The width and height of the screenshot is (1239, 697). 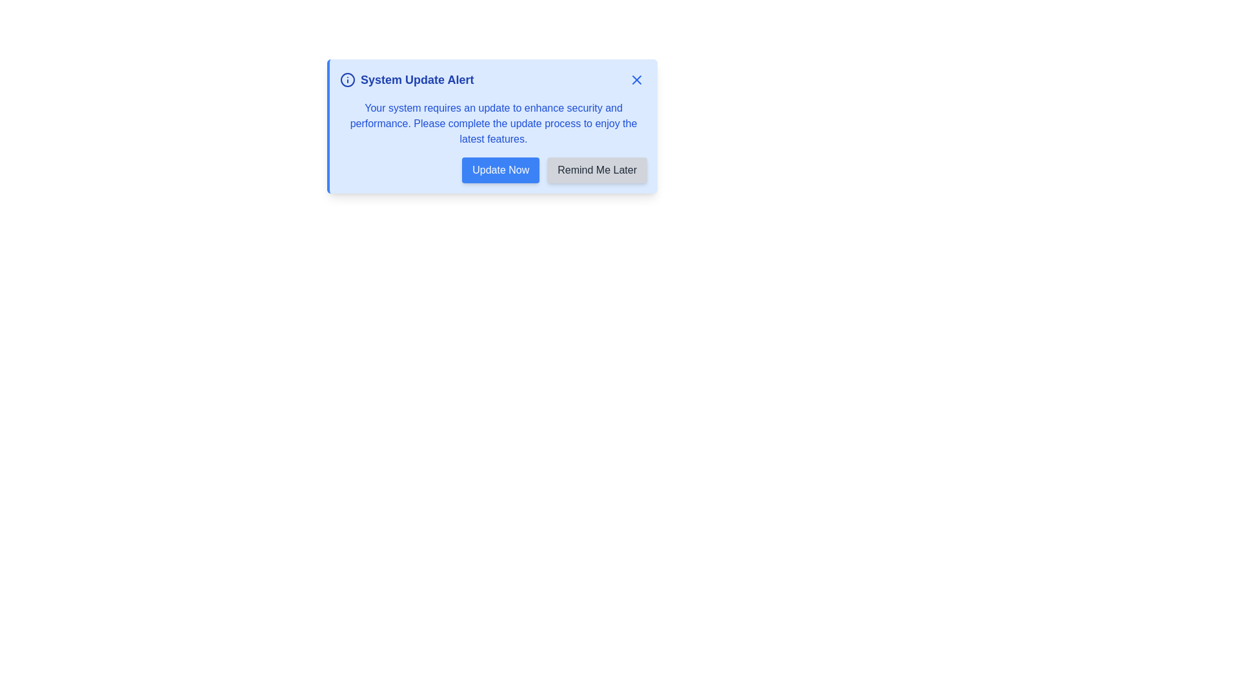 I want to click on the close button of the alert dialog, so click(x=637, y=79).